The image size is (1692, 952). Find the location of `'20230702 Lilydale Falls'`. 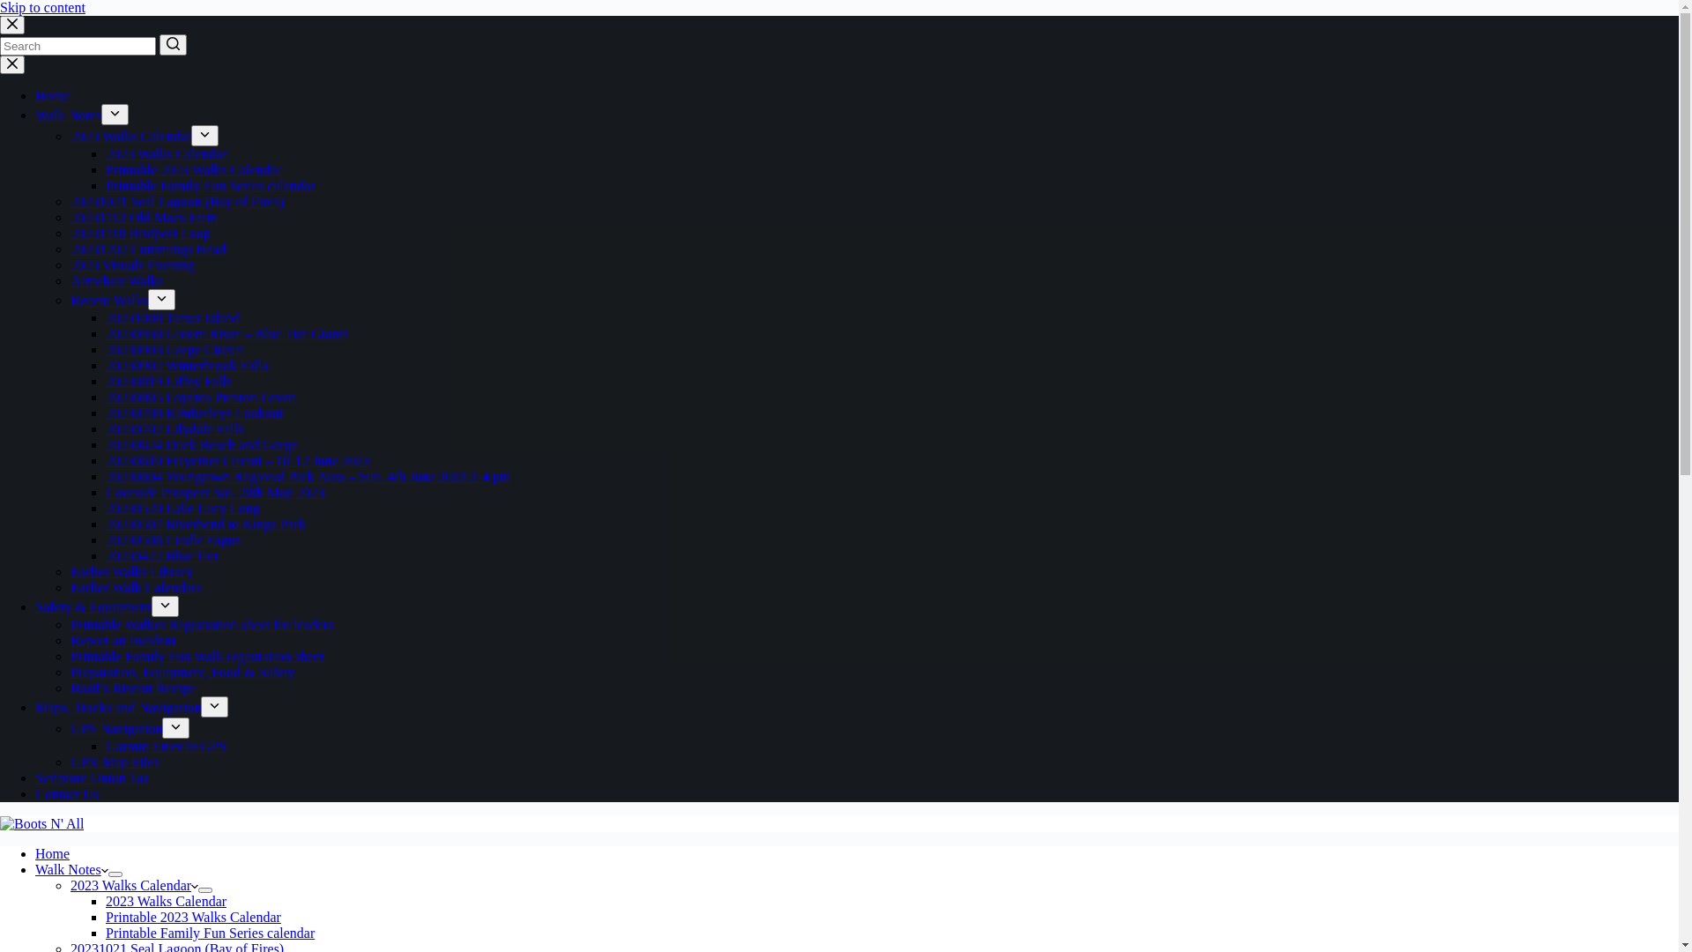

'20230702 Lilydale Falls' is located at coordinates (174, 428).